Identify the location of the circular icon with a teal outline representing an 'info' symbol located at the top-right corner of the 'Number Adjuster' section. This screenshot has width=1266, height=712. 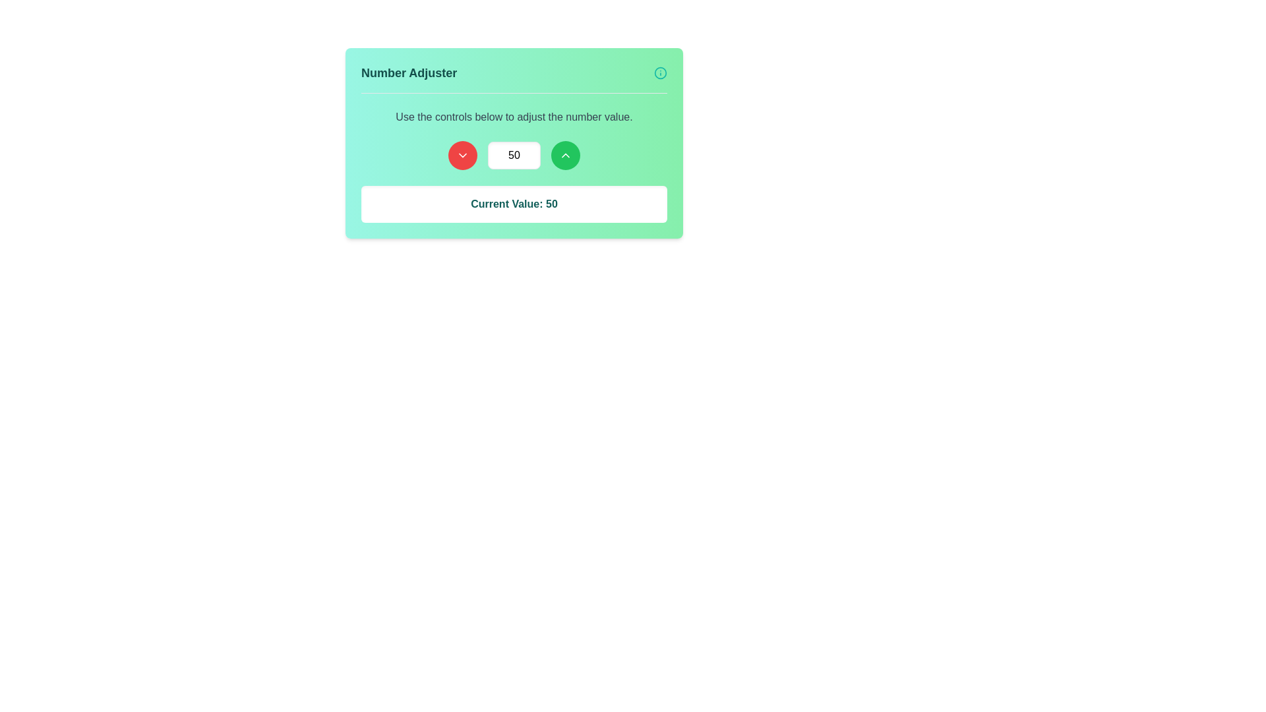
(661, 73).